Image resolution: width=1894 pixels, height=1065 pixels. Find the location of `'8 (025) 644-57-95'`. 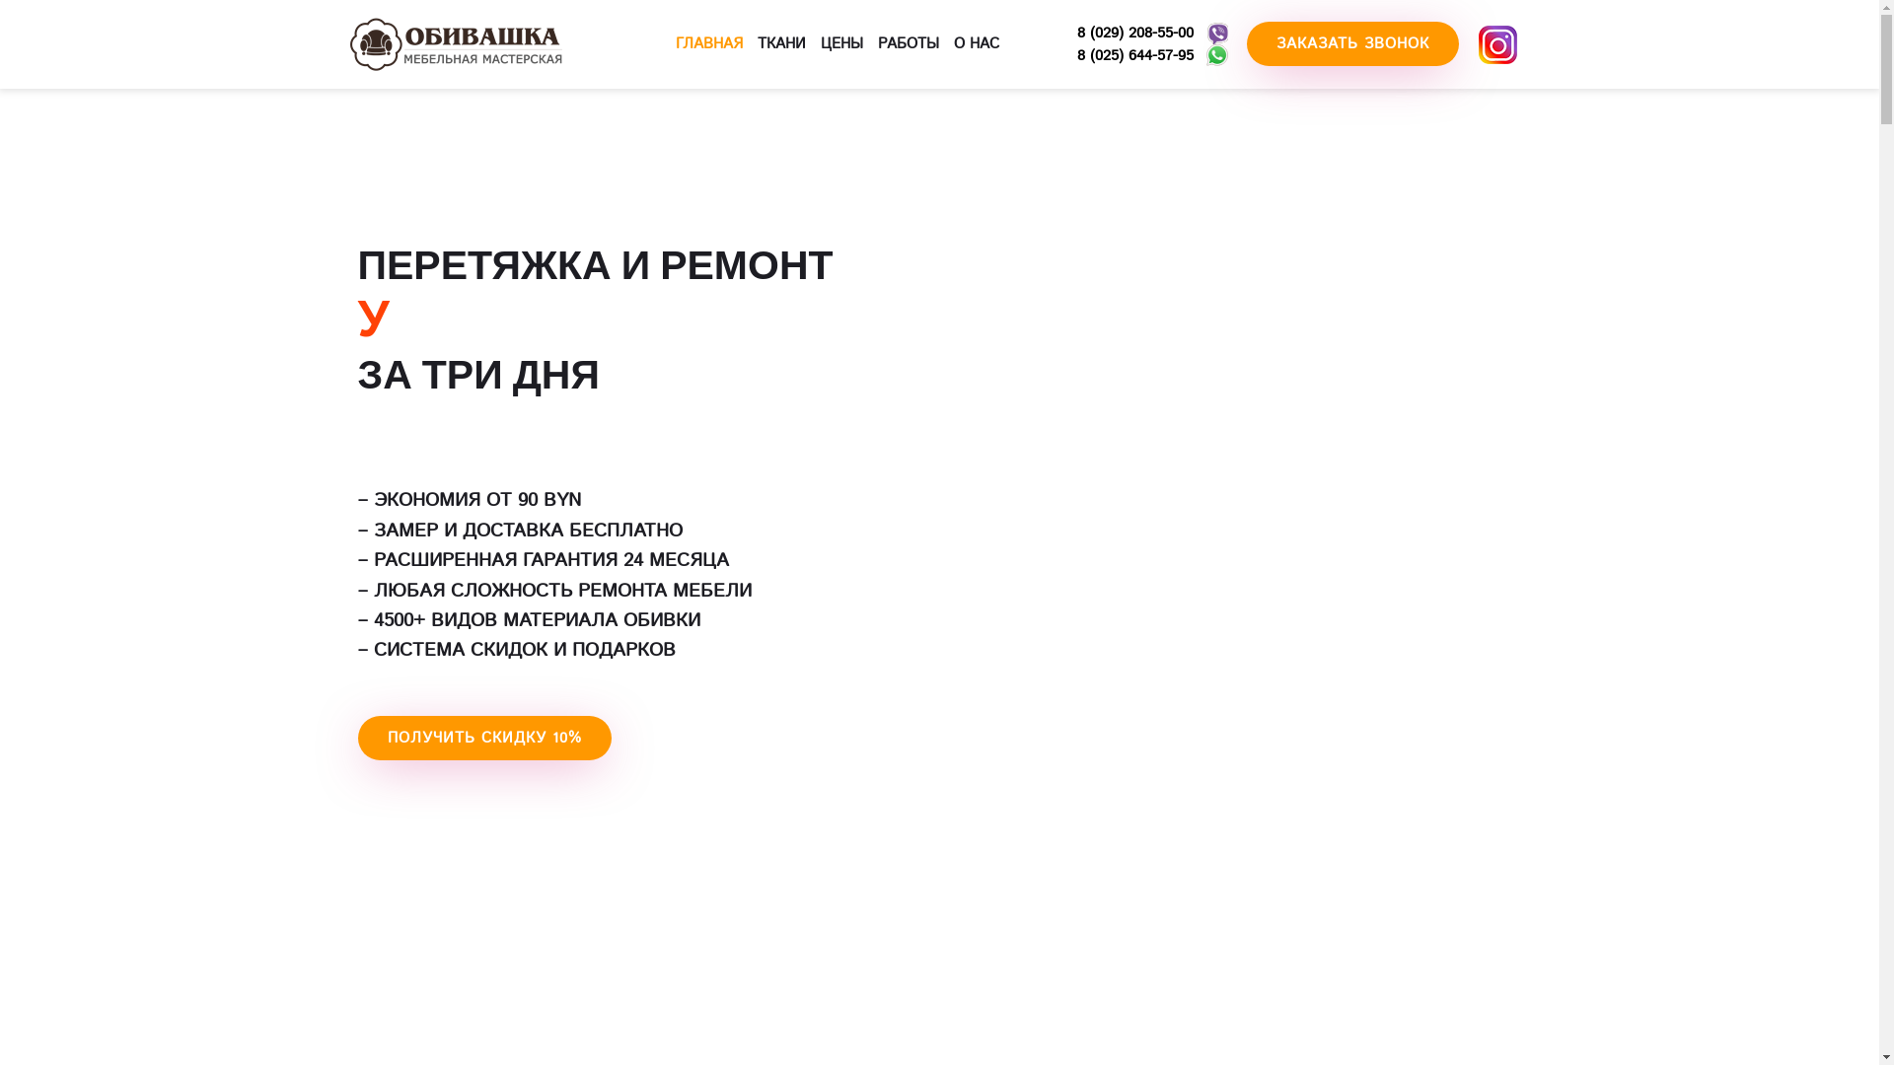

'8 (025) 644-57-95' is located at coordinates (1135, 54).